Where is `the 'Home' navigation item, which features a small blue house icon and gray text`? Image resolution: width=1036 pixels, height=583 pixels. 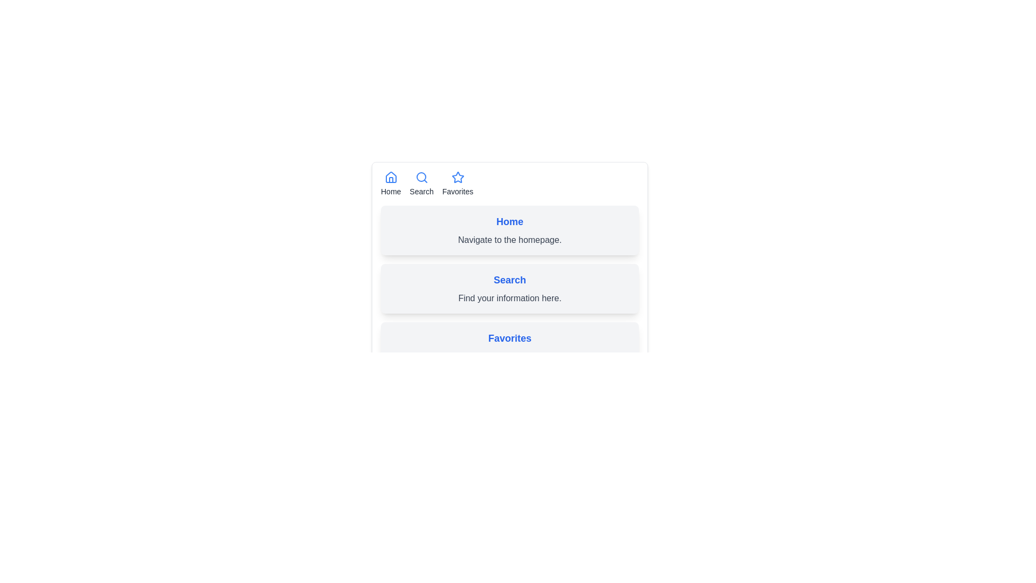 the 'Home' navigation item, which features a small blue house icon and gray text is located at coordinates (390, 183).